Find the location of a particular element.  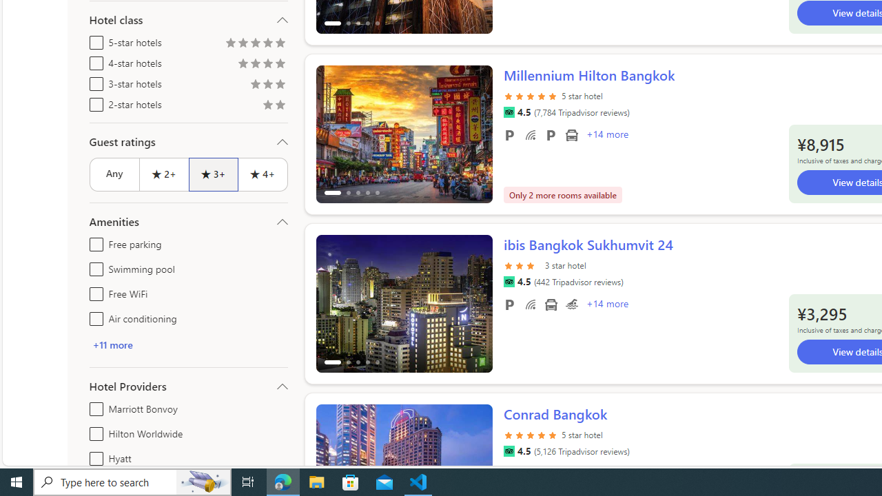

'3+' is located at coordinates (212, 174).